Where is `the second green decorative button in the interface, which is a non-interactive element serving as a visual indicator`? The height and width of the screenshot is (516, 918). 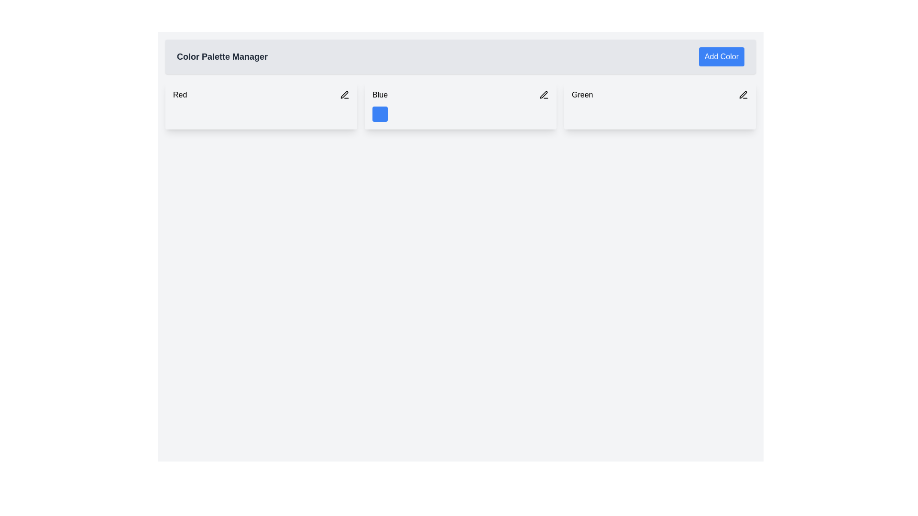
the second green decorative button in the interface, which is a non-interactive element serving as a visual indicator is located at coordinates (598, 114).